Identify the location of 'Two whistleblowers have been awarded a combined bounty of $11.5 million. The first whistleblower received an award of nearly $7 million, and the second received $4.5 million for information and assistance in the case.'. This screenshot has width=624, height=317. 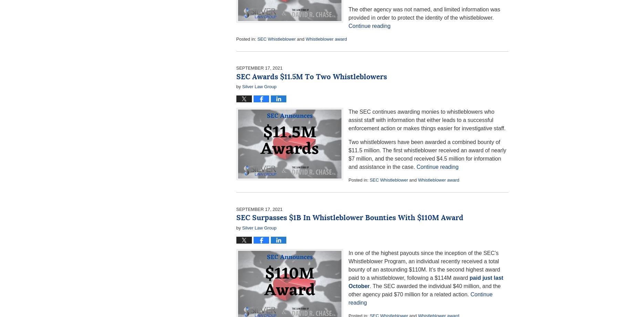
(427, 154).